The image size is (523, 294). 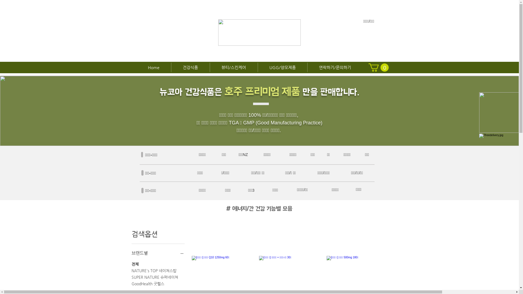 What do you see at coordinates (378, 67) in the screenshot?
I see `'0'` at bounding box center [378, 67].